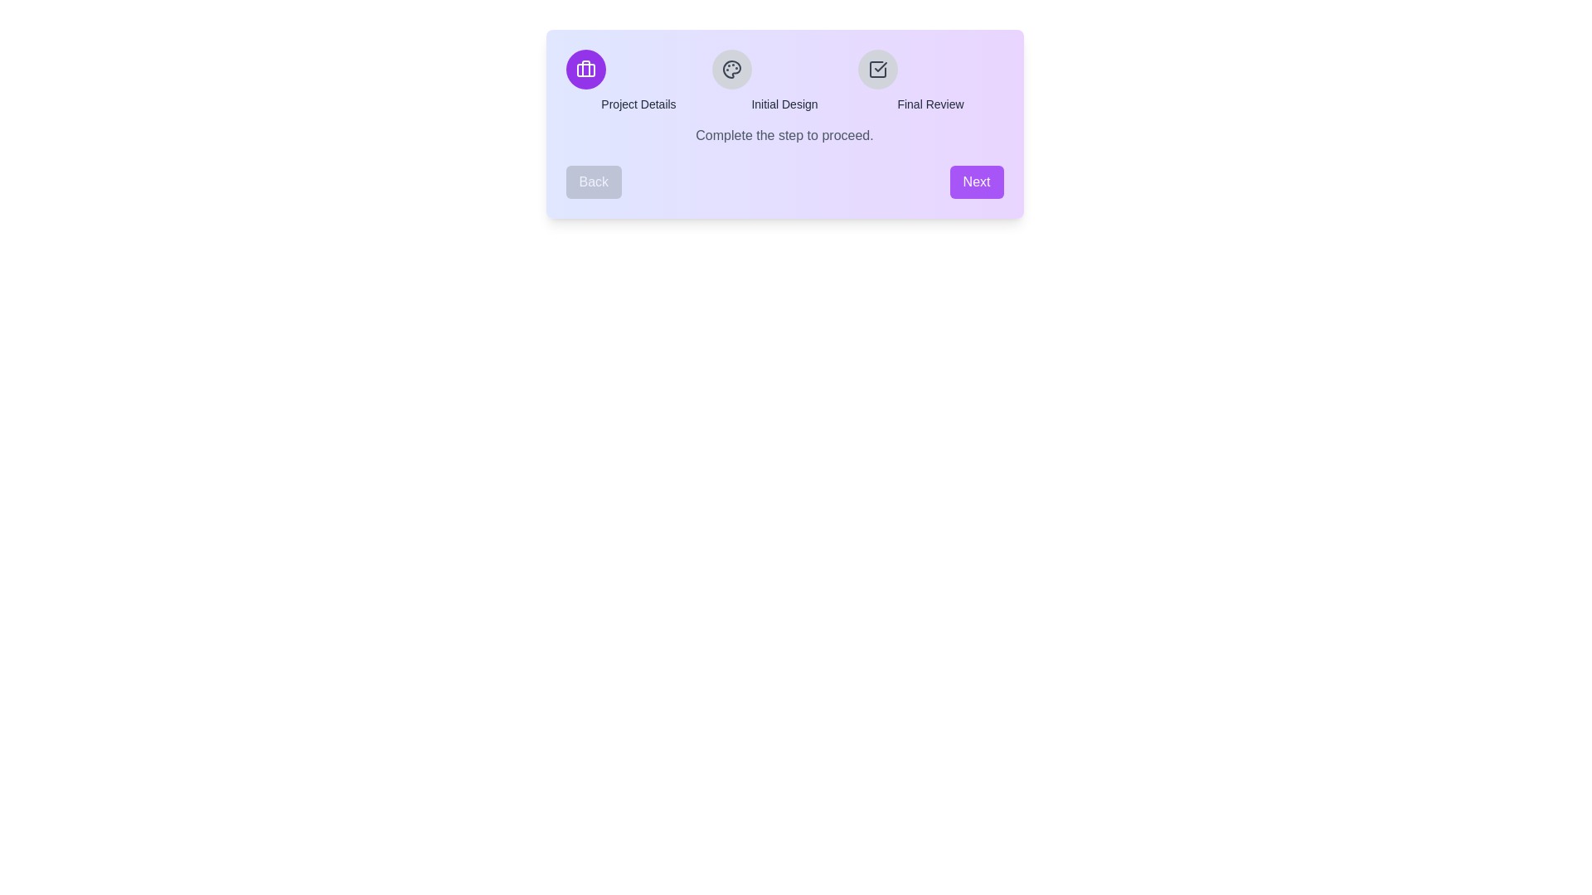  What do you see at coordinates (976, 181) in the screenshot?
I see `the Next button to navigate through the steps` at bounding box center [976, 181].